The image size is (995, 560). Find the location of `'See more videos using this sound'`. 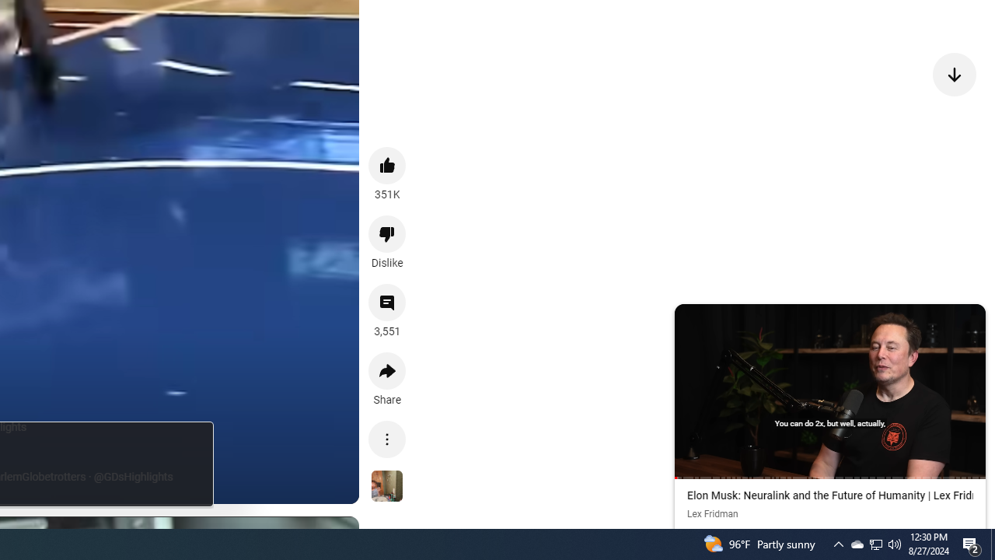

'See more videos using this sound' is located at coordinates (386, 486).